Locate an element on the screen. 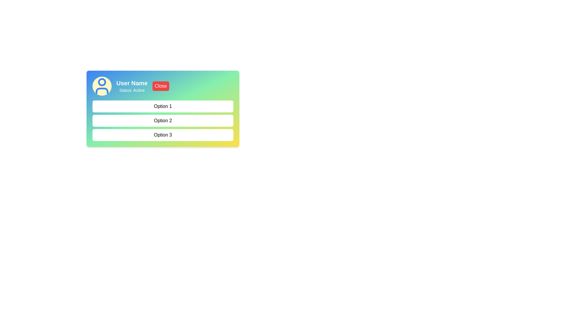 Image resolution: width=573 pixels, height=322 pixels. the 'Option 2' button, which is a rectangular button with rounded corners, white background, and black text, located in the middle of a group of three vertically stacked options is located at coordinates (163, 121).